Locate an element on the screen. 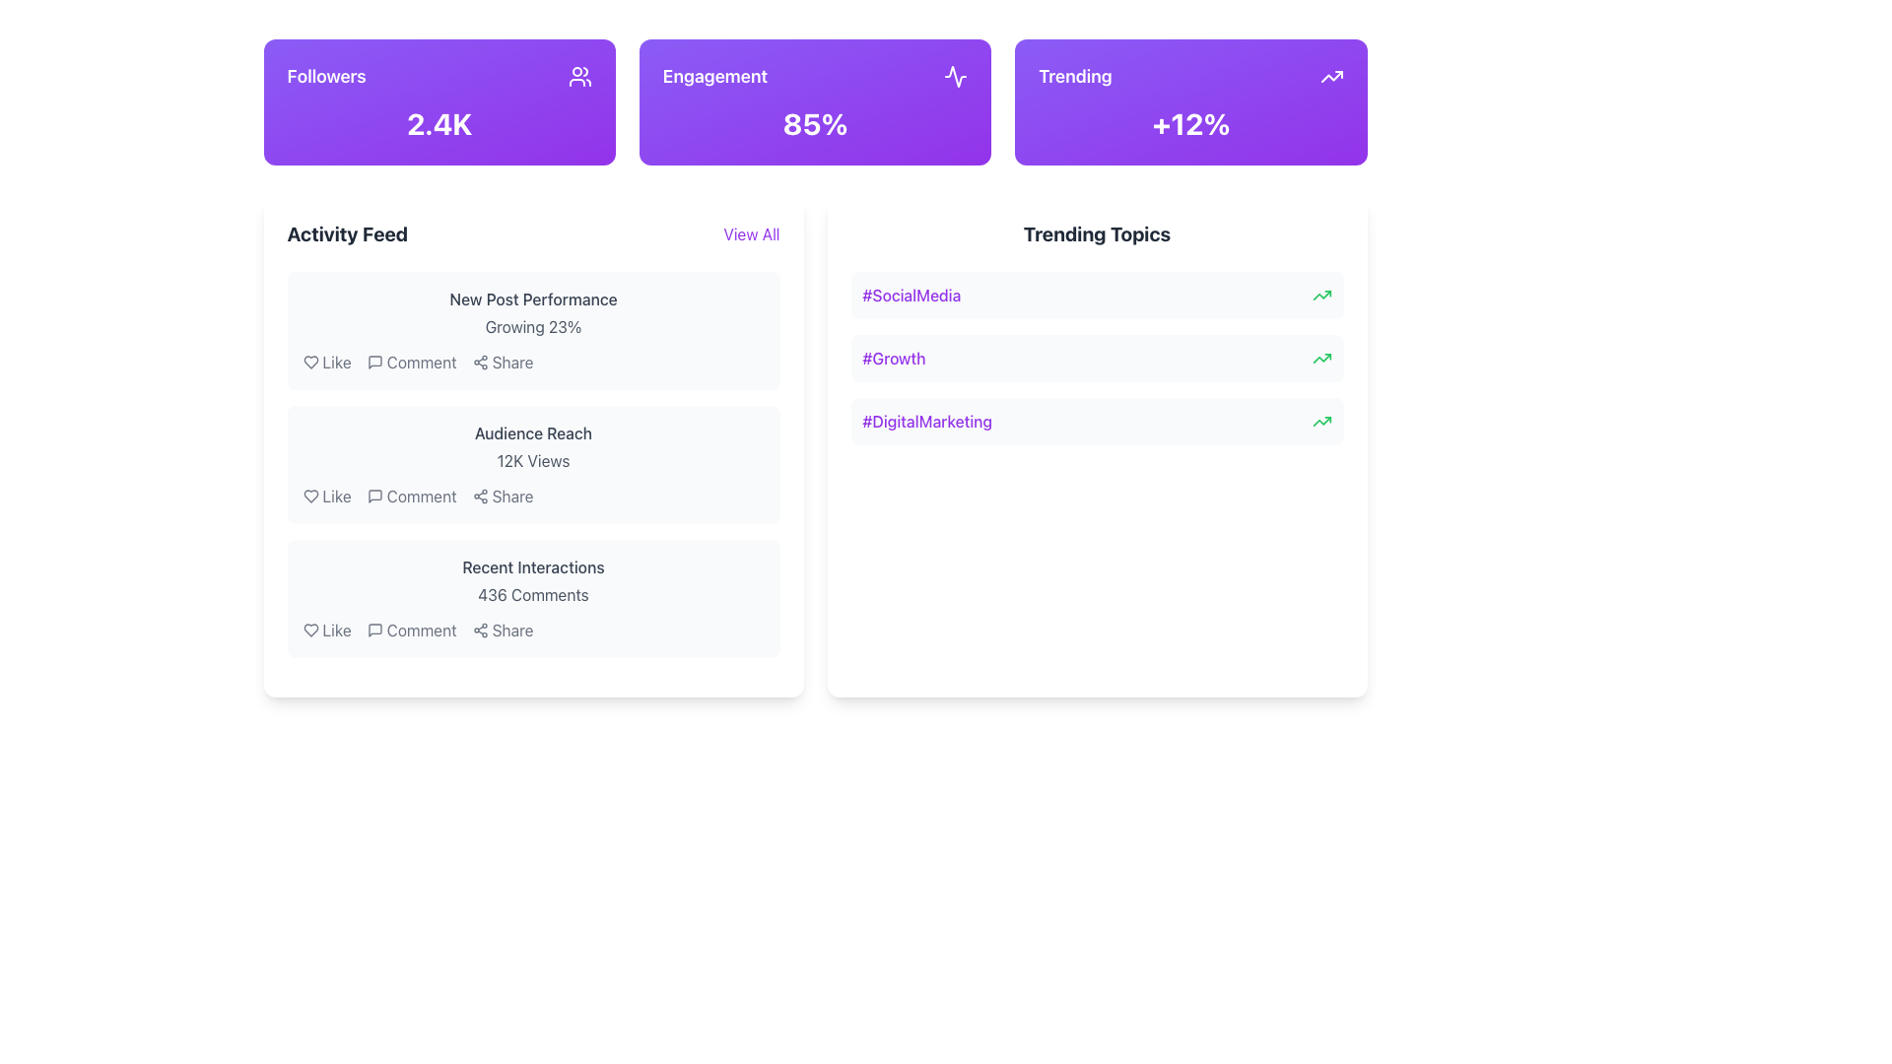  the chat or message bubble icon located in the 'Recent Interactions' section of the 'Activity Feed', positioned to the right of the heart icon is located at coordinates (374, 631).